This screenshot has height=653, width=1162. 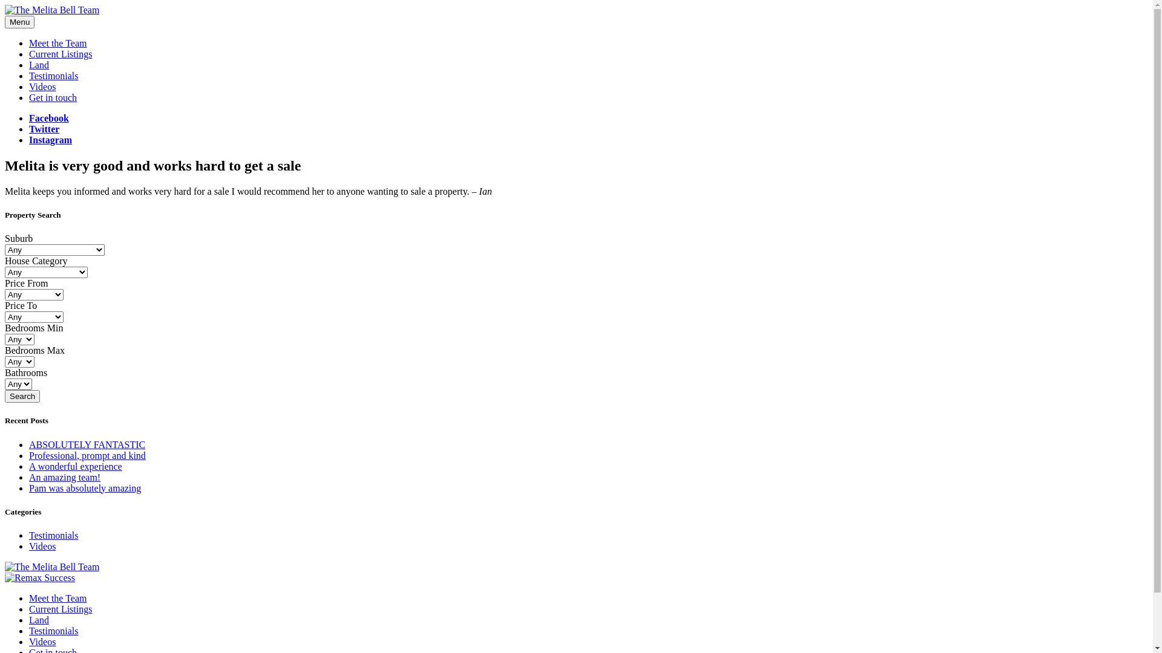 I want to click on 'Videos', so click(x=42, y=86).